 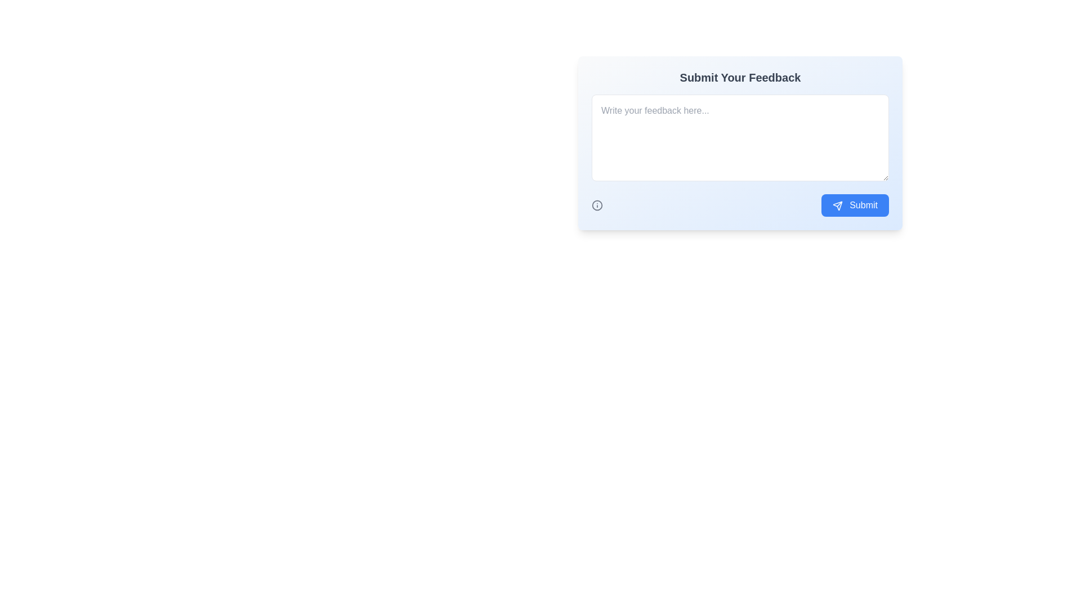 I want to click on the small paper plane icon, which has a blue background and white strokes, located to the left of the 'Submit' text on a blue button in the feedback submission interface, so click(x=837, y=205).